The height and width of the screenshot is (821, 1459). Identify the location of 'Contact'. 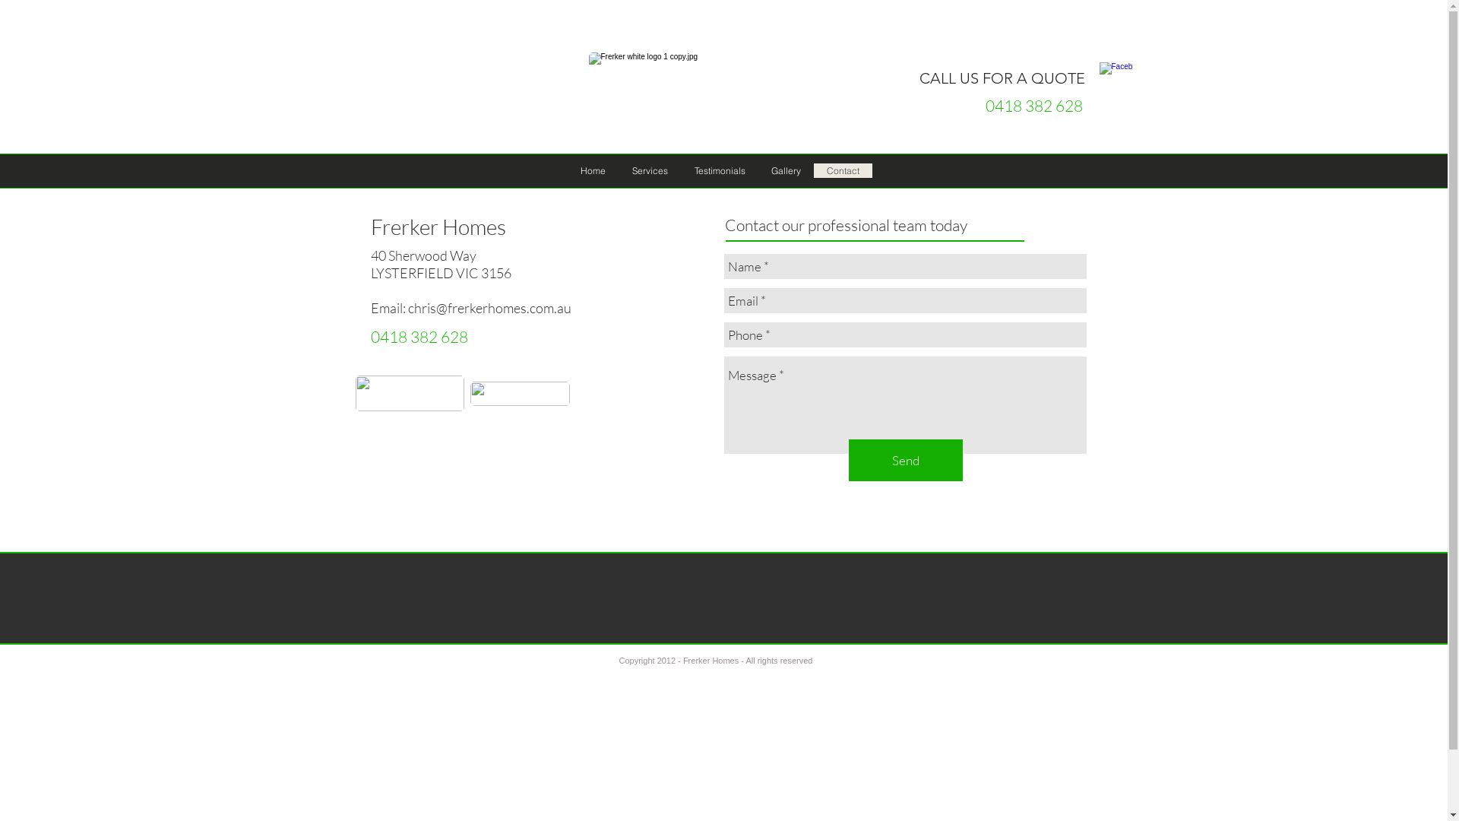
(812, 170).